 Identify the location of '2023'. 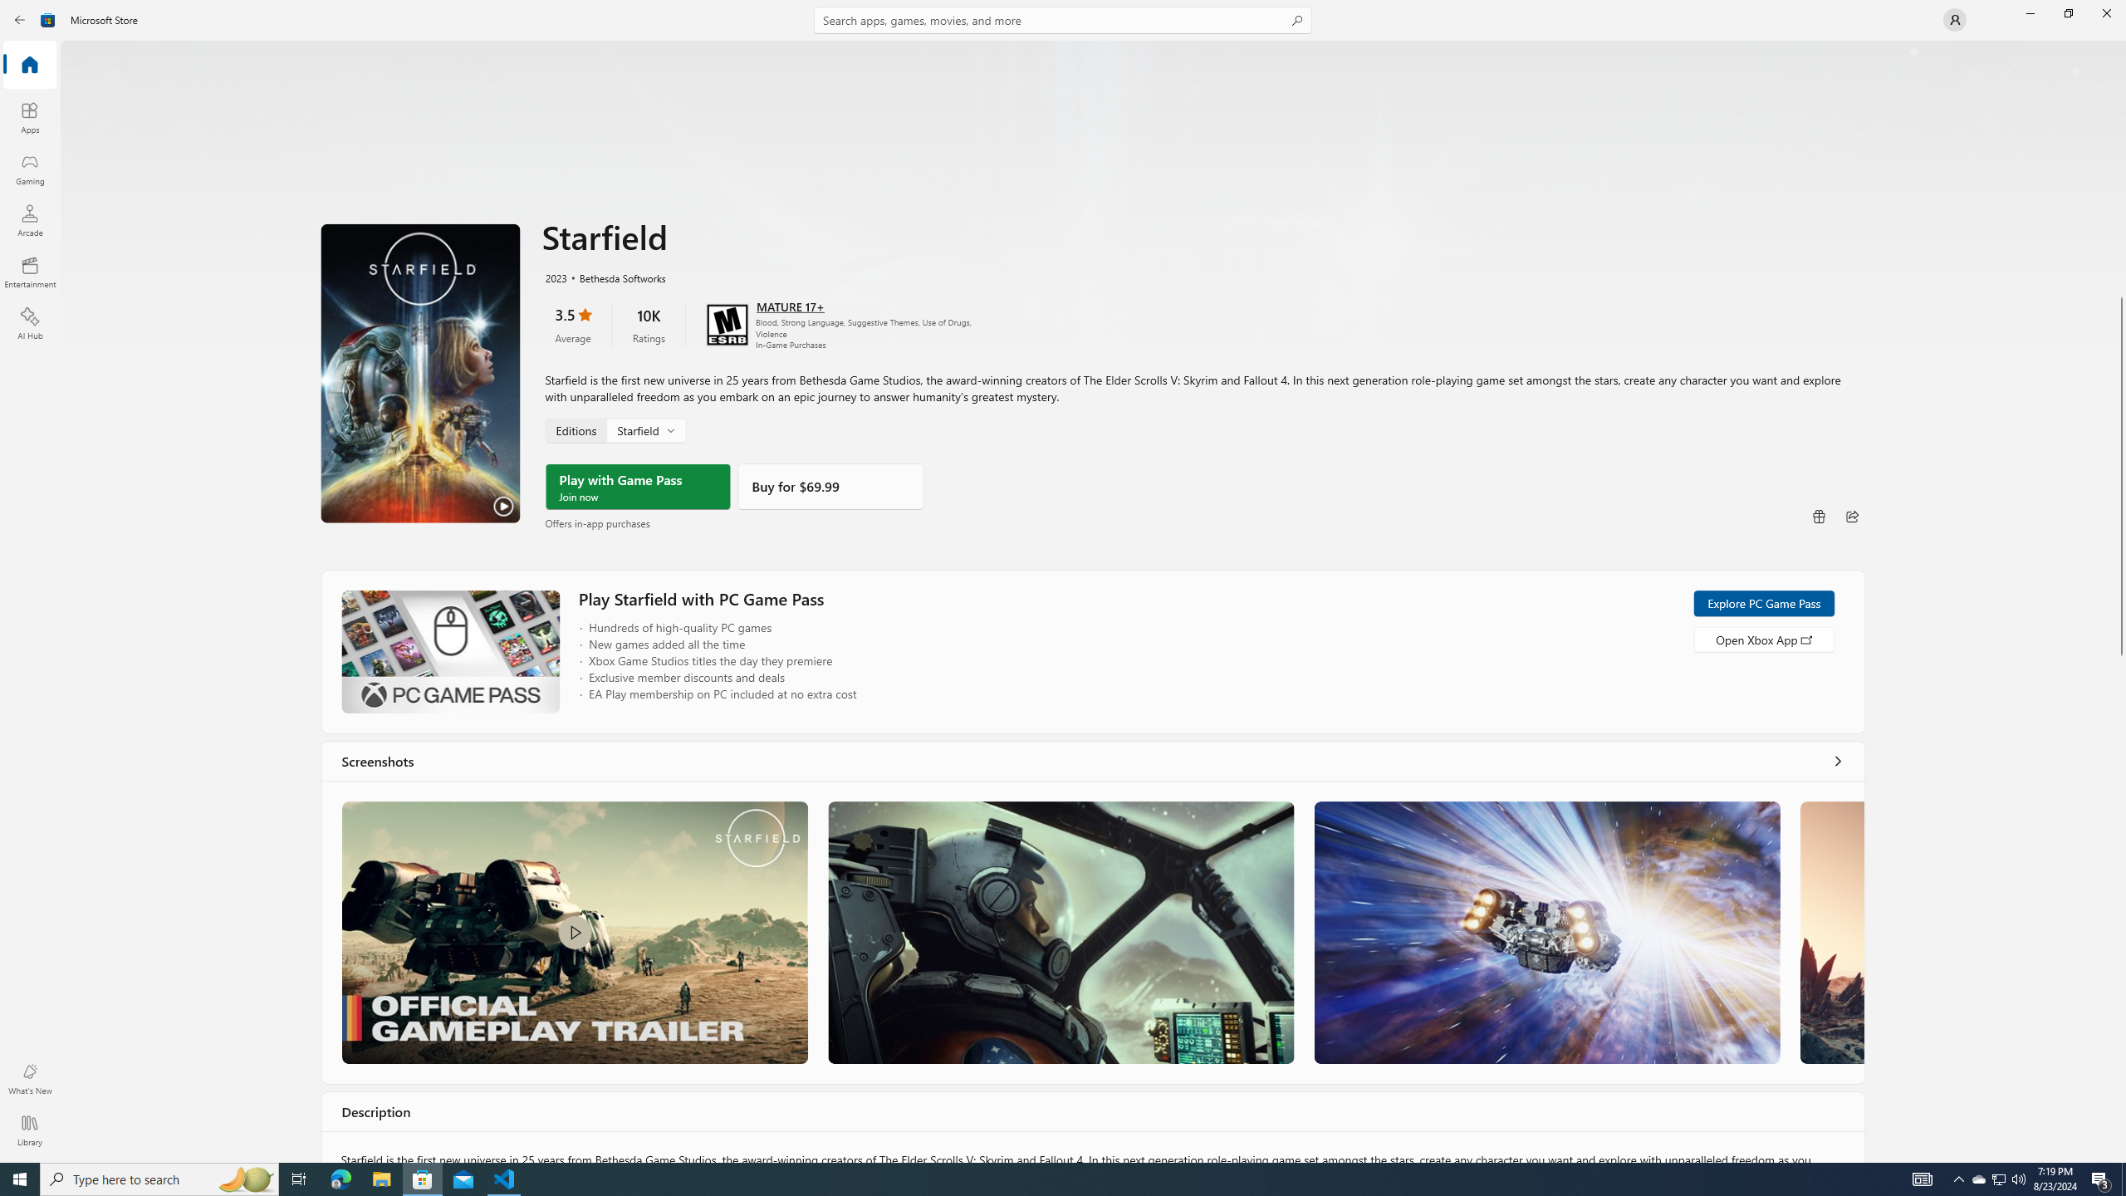
(555, 277).